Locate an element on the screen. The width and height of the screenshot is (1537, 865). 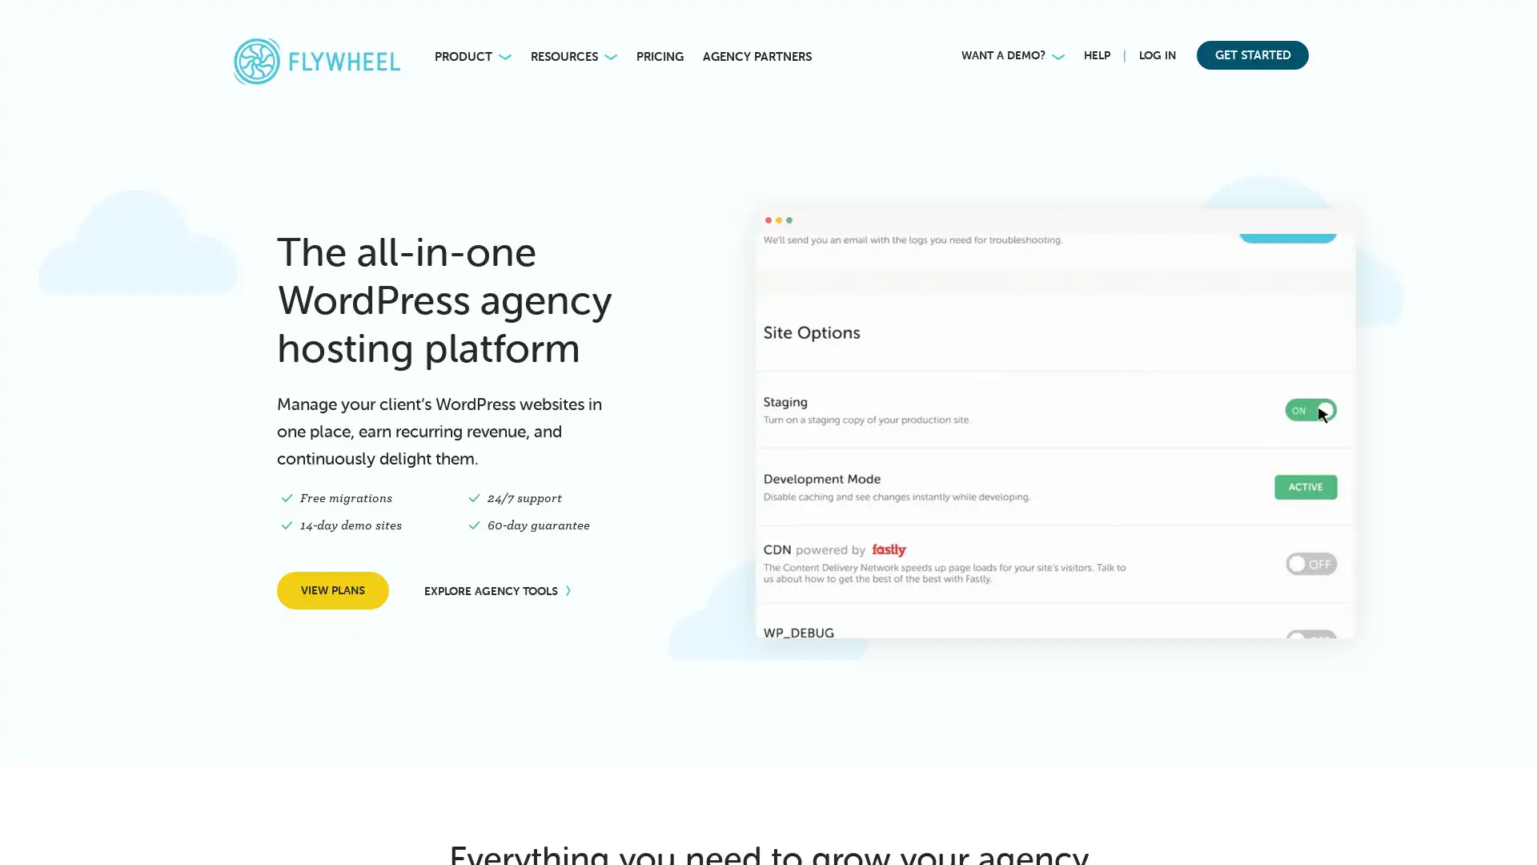
Close is located at coordinates (385, 679).